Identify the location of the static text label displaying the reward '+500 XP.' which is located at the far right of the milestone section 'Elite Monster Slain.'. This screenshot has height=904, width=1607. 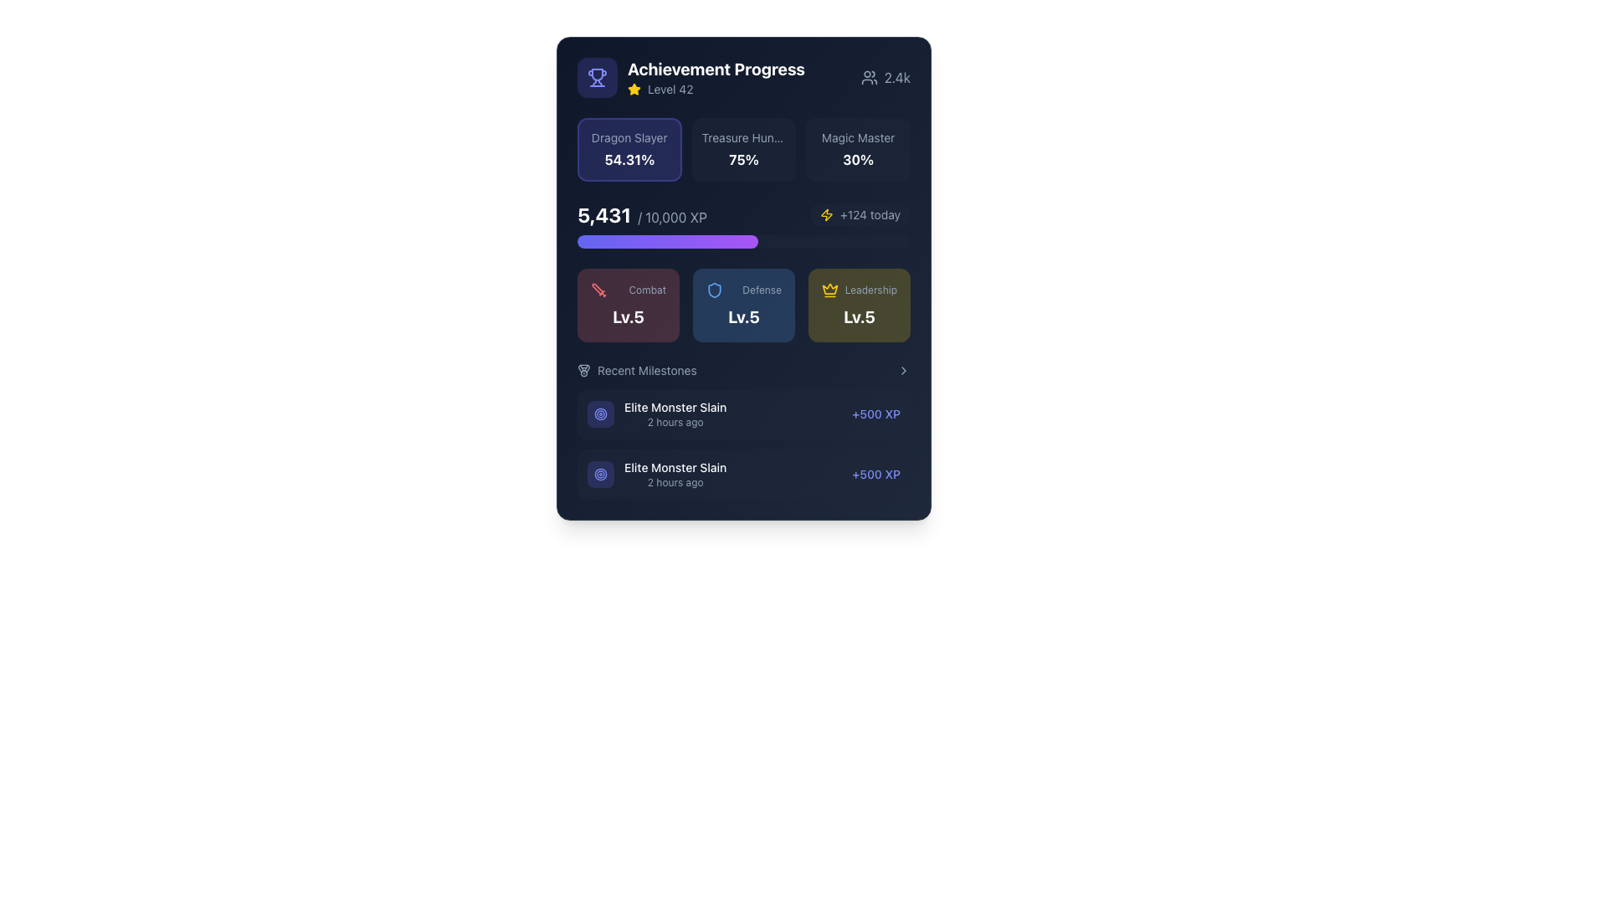
(875, 413).